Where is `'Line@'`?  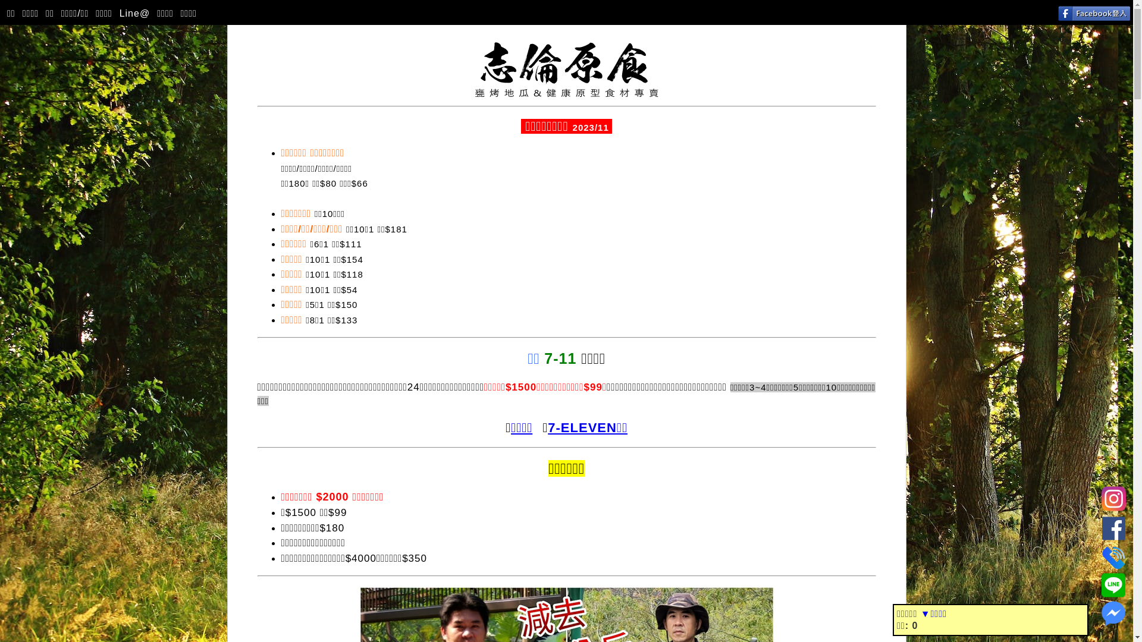
'Line@' is located at coordinates (134, 14).